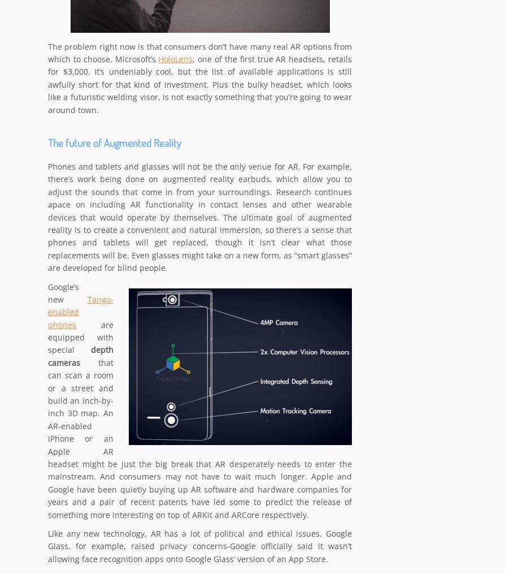 Image resolution: width=505 pixels, height=574 pixels. What do you see at coordinates (199, 438) in the screenshot?
I see `'that can scan a room or a street and build an inch-by-inch 3D map. An AR-enabled iPhone or an Apple AR headset might be just the big break that AR desperately needs to enter the mainstream. And consumers may not have to wait much longer. Apple and Google have been quietly buying up AR software and hardware companies for years and a pair of recent patents have led some to predict the release of something more interesting on top of ARKit and ARCore respectively.'` at bounding box center [199, 438].